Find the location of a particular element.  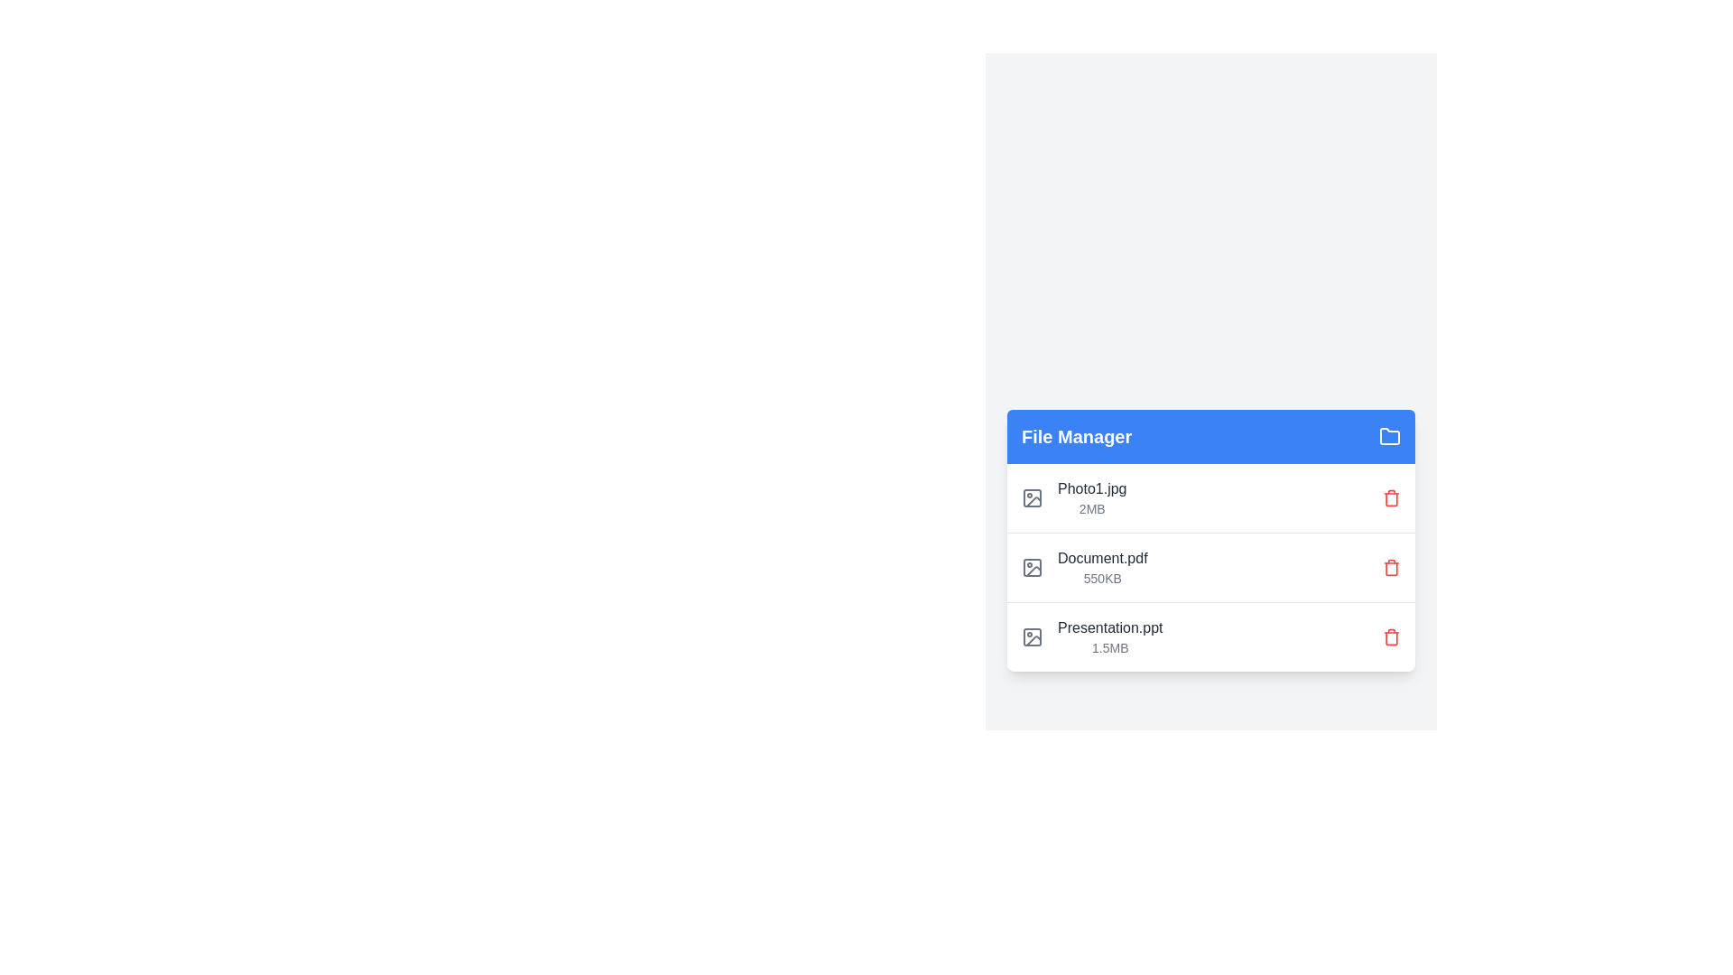

the text label displaying the file size '1.5MB' located below the filename 'Presentation.ppt' in the file list interface is located at coordinates (1108, 646).